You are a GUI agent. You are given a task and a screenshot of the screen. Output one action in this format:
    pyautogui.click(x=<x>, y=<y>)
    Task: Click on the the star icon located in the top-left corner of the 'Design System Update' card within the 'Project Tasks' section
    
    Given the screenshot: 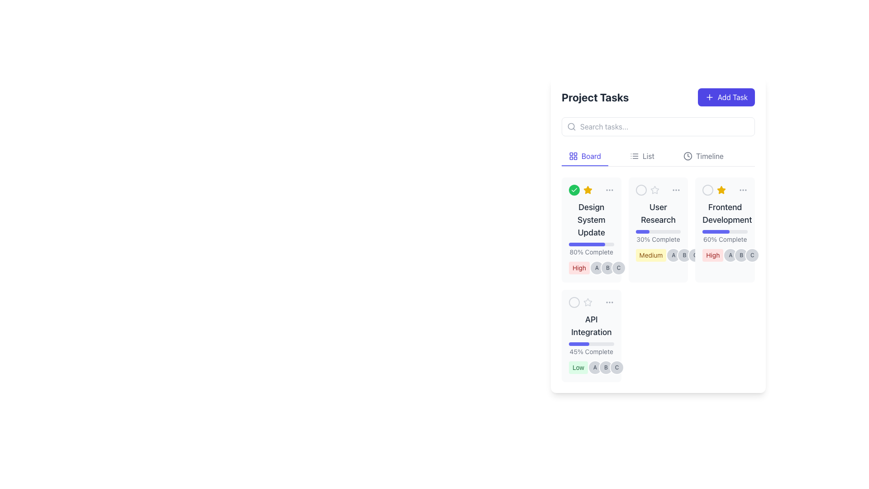 What is the action you would take?
    pyautogui.click(x=587, y=189)
    